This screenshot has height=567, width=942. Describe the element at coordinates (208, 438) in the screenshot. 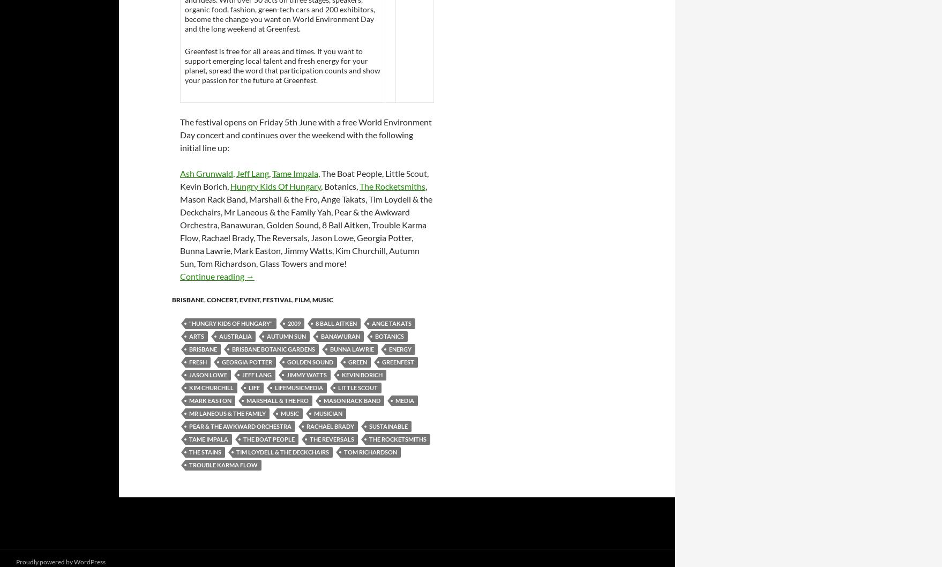

I see `'TAME IMPALA'` at that location.